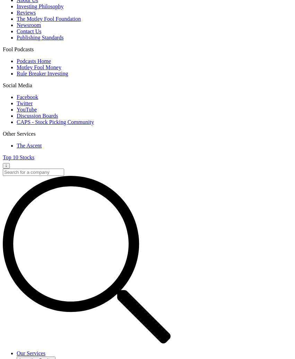 This screenshot has width=295, height=359. Describe the element at coordinates (38, 67) in the screenshot. I see `'Motley Fool Money'` at that location.